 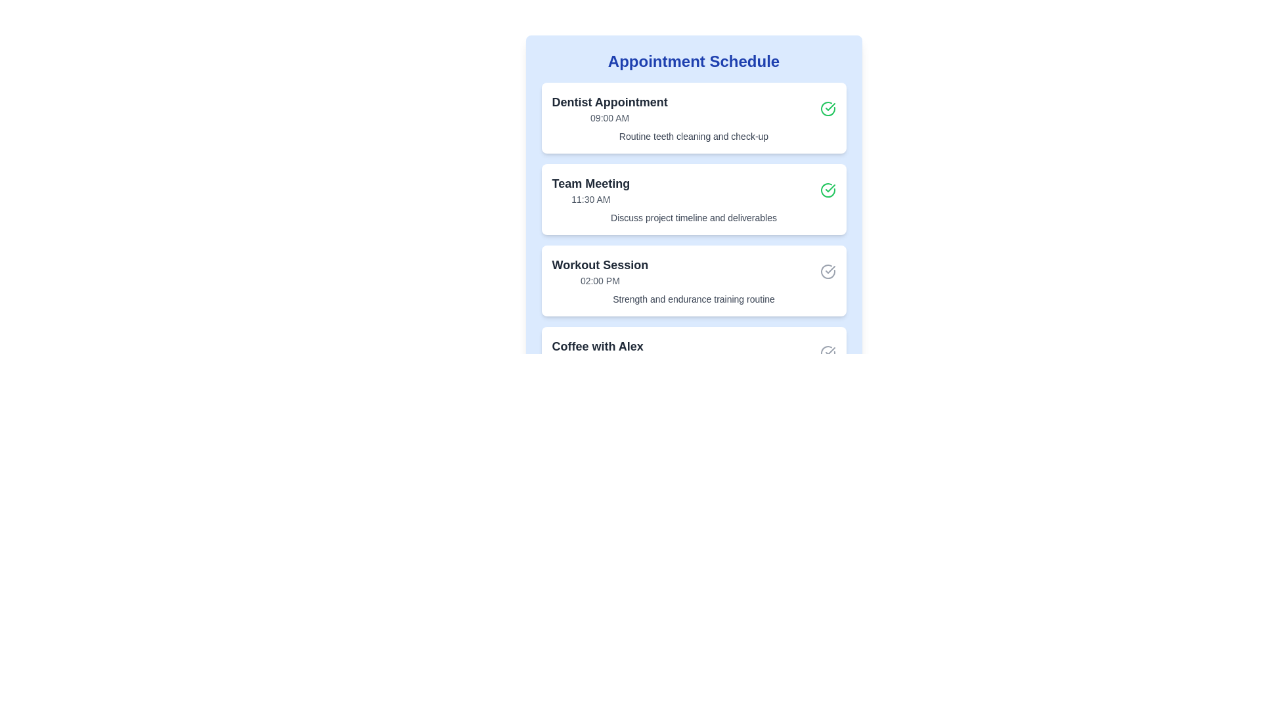 What do you see at coordinates (829, 106) in the screenshot?
I see `the checkmark icon inside the green circular outline, which is located to the right of the 'Team Meeting' entry, representing task completion` at bounding box center [829, 106].